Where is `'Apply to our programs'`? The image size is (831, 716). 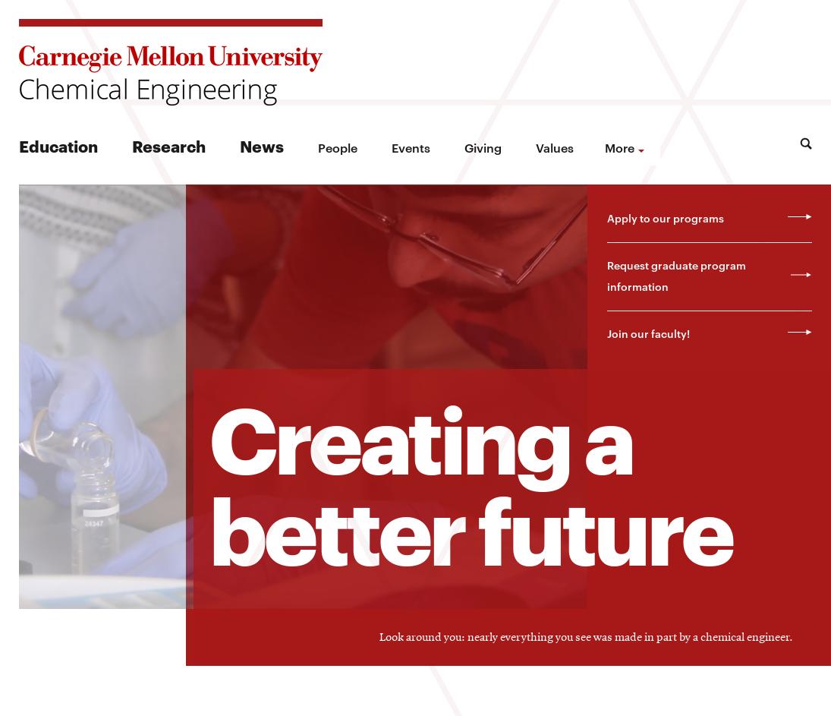
'Apply to our programs' is located at coordinates (664, 216).